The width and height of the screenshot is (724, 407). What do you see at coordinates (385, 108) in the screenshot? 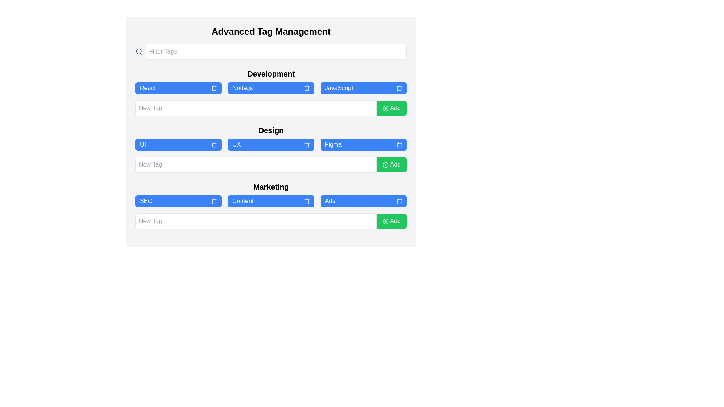
I see `the decorative Circle graphic element in the middle of the 'Add' button located in the 'Development' section of the UI` at bounding box center [385, 108].